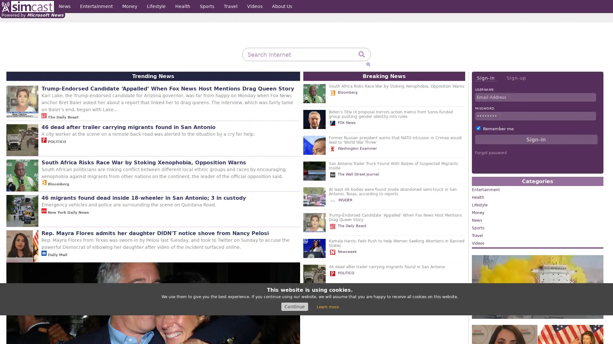  What do you see at coordinates (516, 78) in the screenshot?
I see `Sign-up` at bounding box center [516, 78].